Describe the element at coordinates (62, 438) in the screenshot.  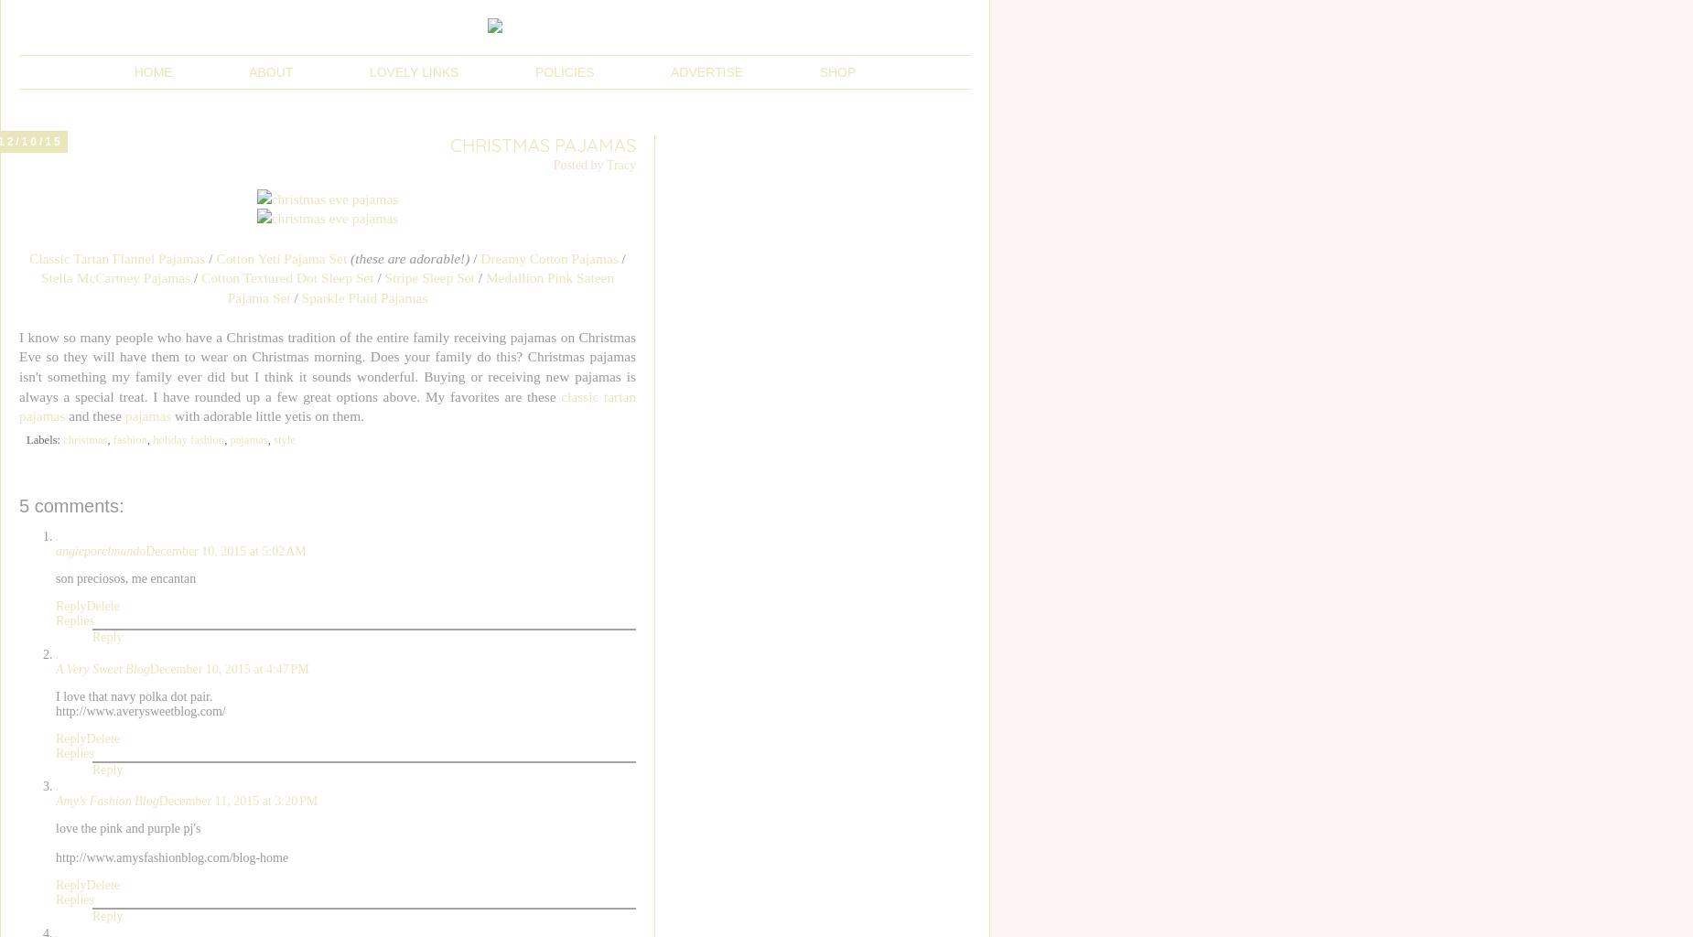
I see `'christmas'` at that location.